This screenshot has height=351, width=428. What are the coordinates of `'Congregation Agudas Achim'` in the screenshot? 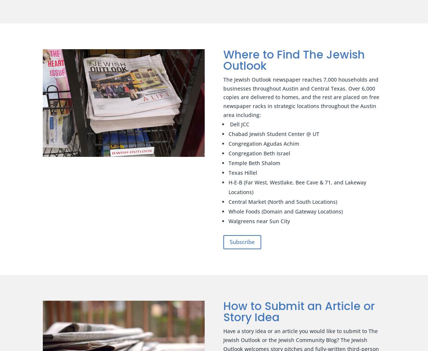 It's located at (263, 143).